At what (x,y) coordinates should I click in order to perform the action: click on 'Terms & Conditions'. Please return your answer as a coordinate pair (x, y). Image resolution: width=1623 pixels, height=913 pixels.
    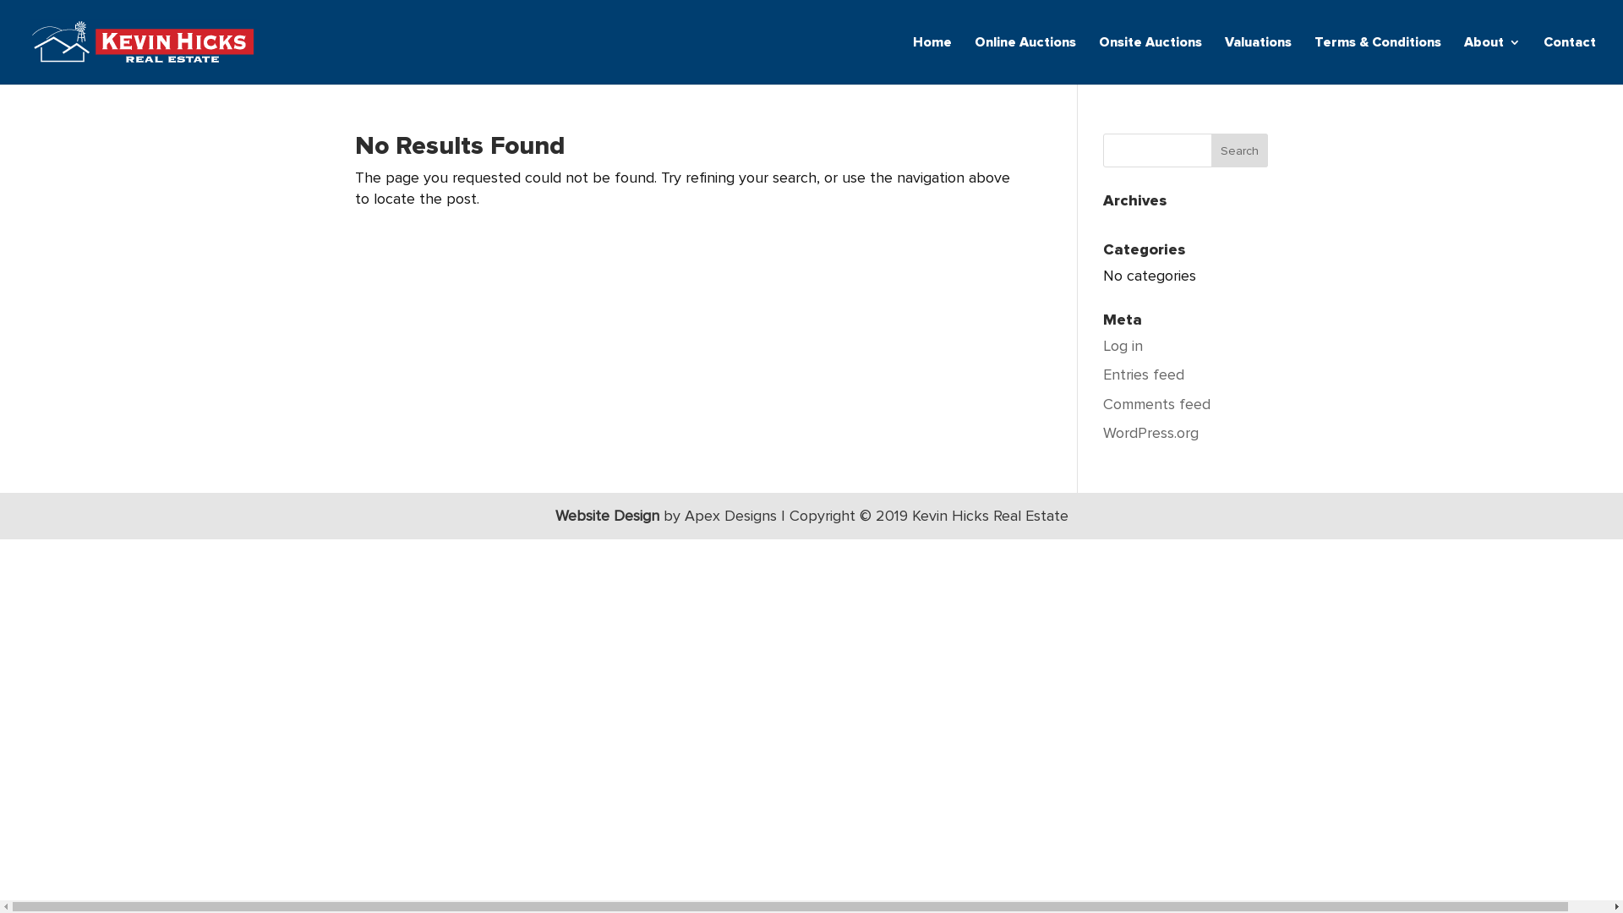
    Looking at the image, I should click on (1378, 59).